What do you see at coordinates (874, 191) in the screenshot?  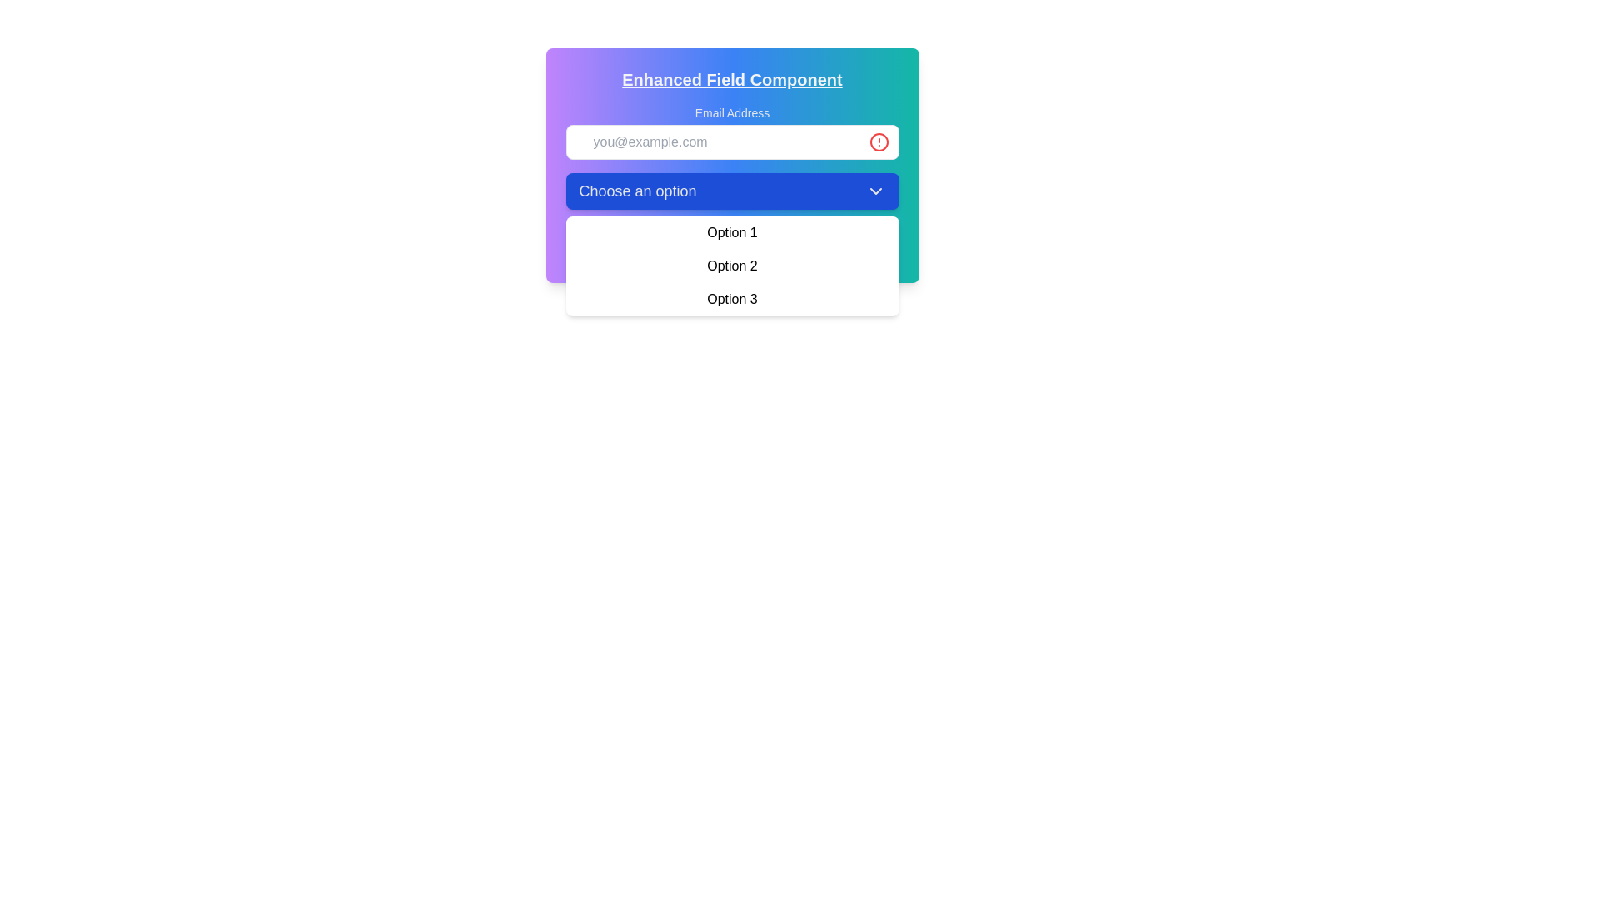 I see `the downward-pointing chevron icon located at the rightmost part of the blue button labeled 'Choose an option'` at bounding box center [874, 191].